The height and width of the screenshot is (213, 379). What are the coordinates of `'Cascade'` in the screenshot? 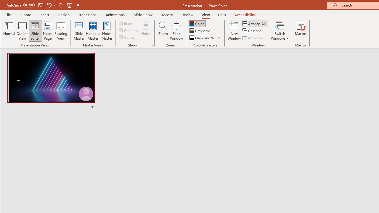 It's located at (253, 31).